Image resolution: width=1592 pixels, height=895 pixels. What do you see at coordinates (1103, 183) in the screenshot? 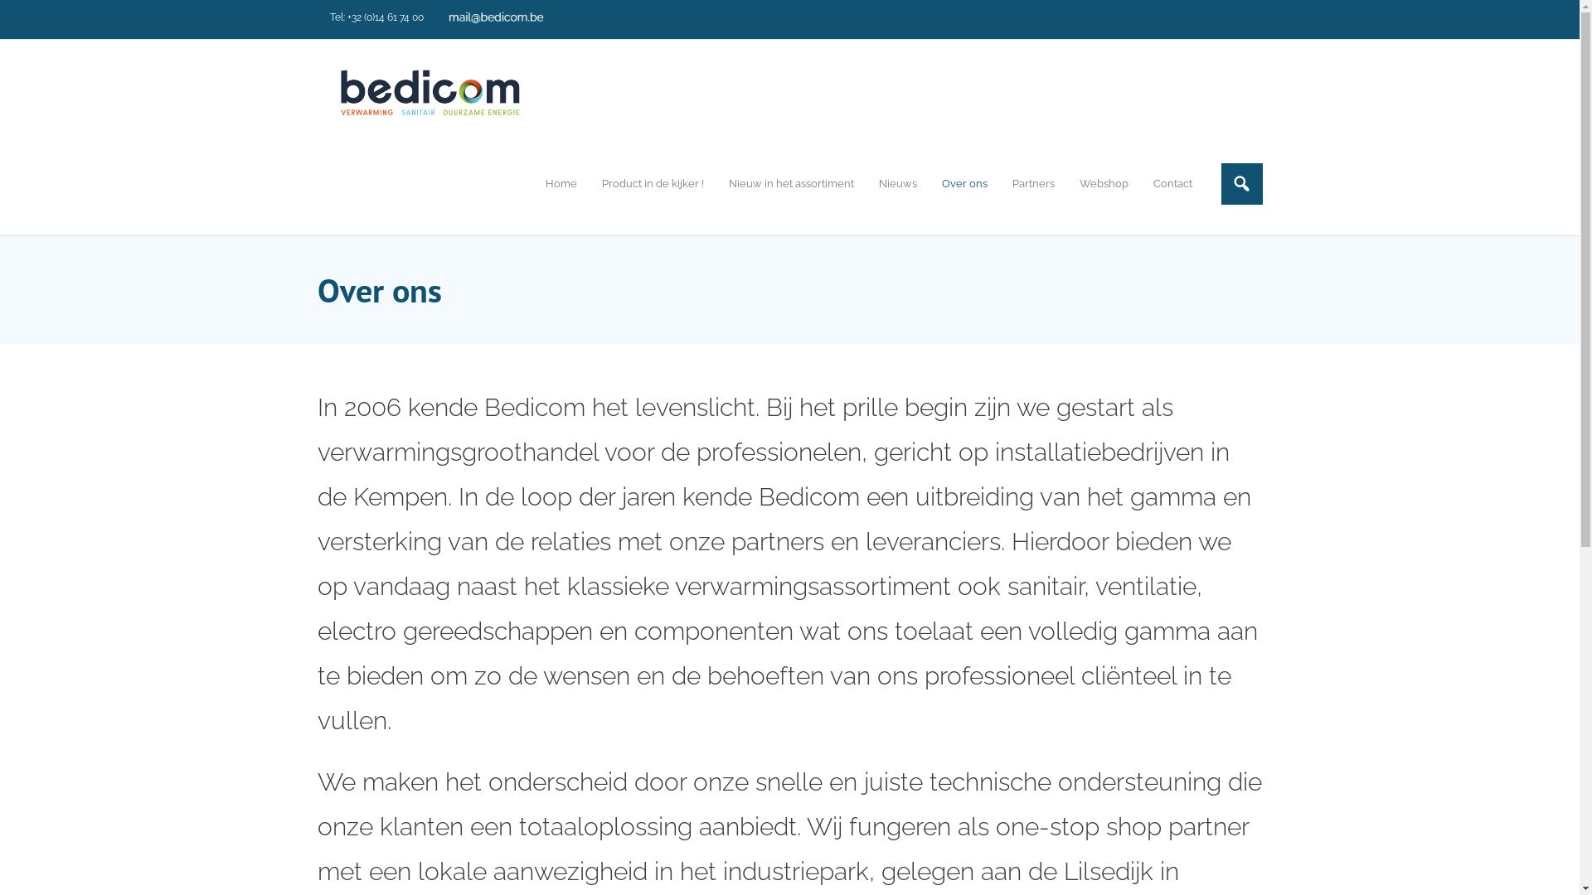
I see `'Webshop'` at bounding box center [1103, 183].